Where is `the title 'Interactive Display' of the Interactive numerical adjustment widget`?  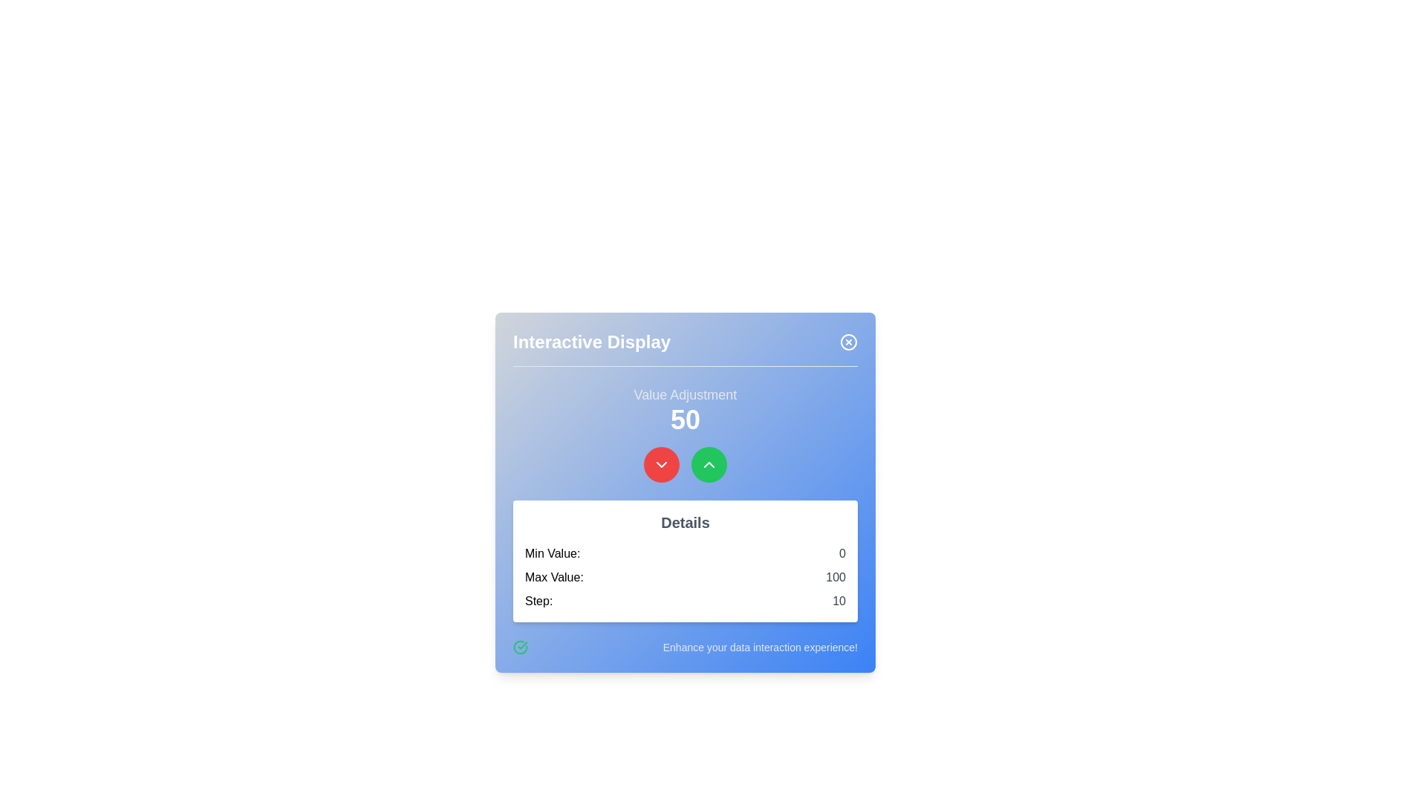 the title 'Interactive Display' of the Interactive numerical adjustment widget is located at coordinates (684, 492).